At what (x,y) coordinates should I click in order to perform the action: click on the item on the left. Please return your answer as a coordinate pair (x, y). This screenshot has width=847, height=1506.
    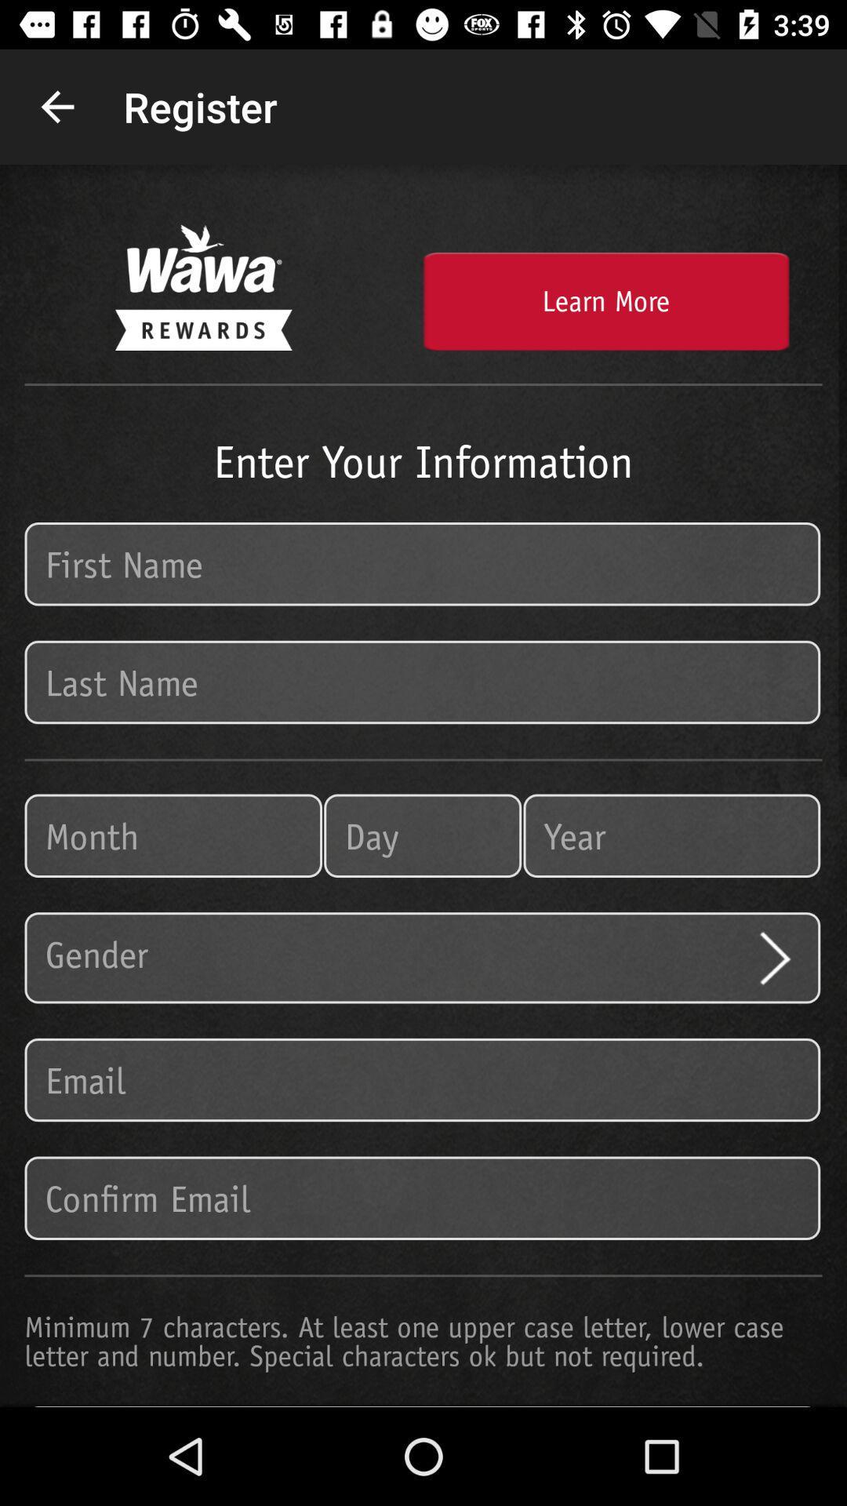
    Looking at the image, I should click on (174, 835).